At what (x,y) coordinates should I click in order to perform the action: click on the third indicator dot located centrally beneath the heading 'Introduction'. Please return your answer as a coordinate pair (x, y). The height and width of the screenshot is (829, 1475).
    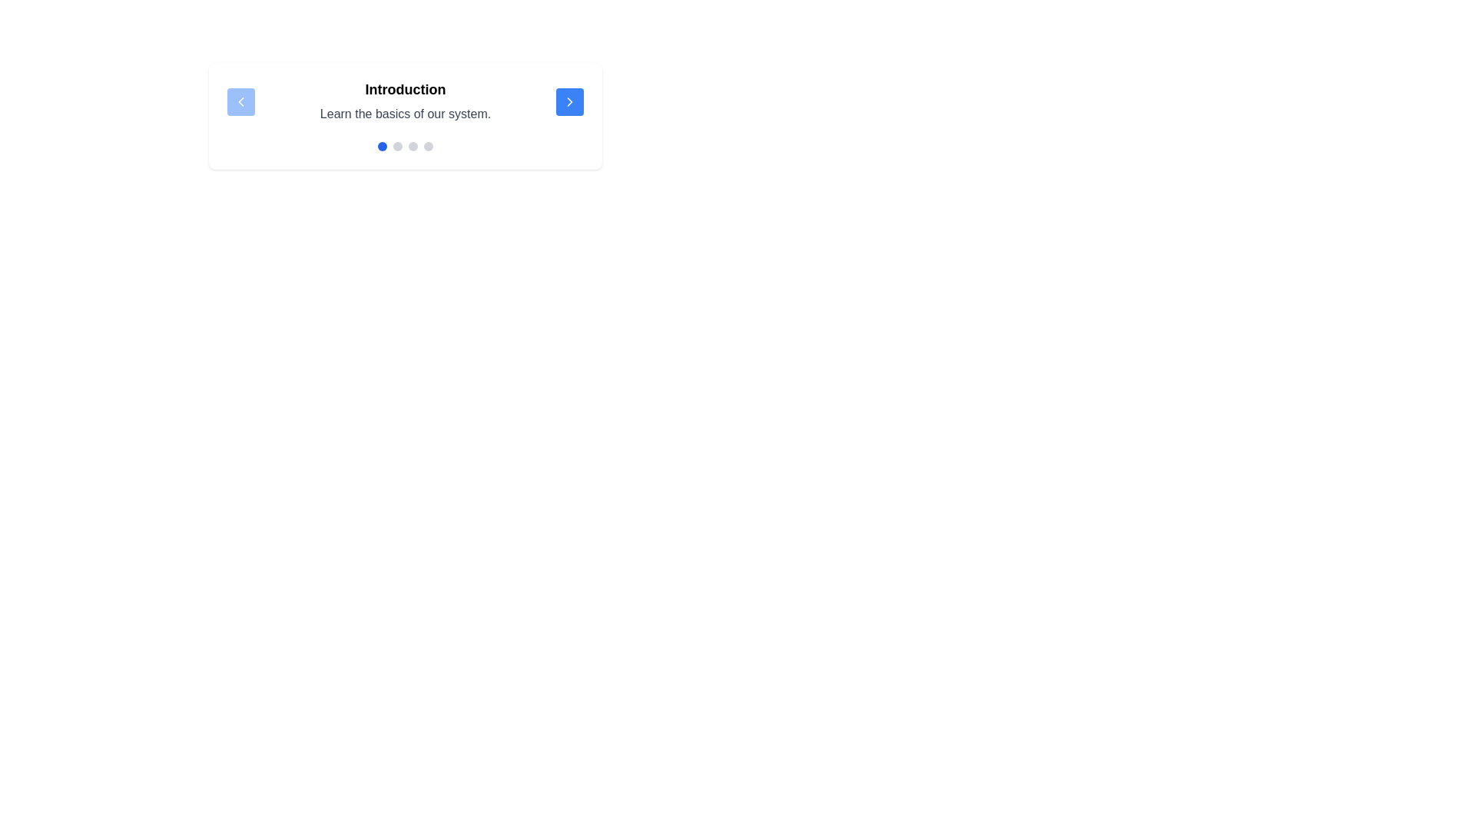
    Looking at the image, I should click on (413, 146).